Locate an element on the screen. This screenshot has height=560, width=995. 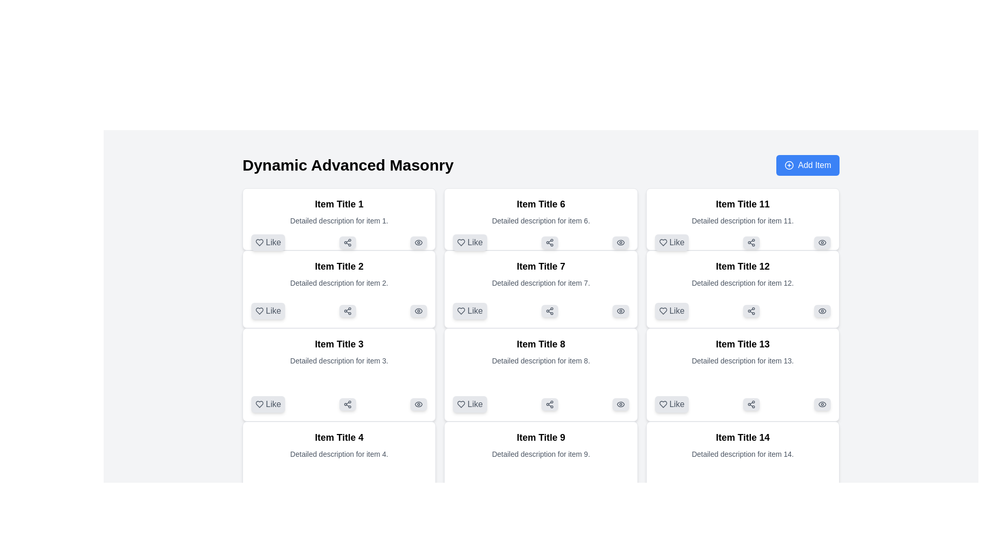
the button in the upper-right corner adjacent to the header text 'Dynamic Advanced Masonry' is located at coordinates (807, 165).